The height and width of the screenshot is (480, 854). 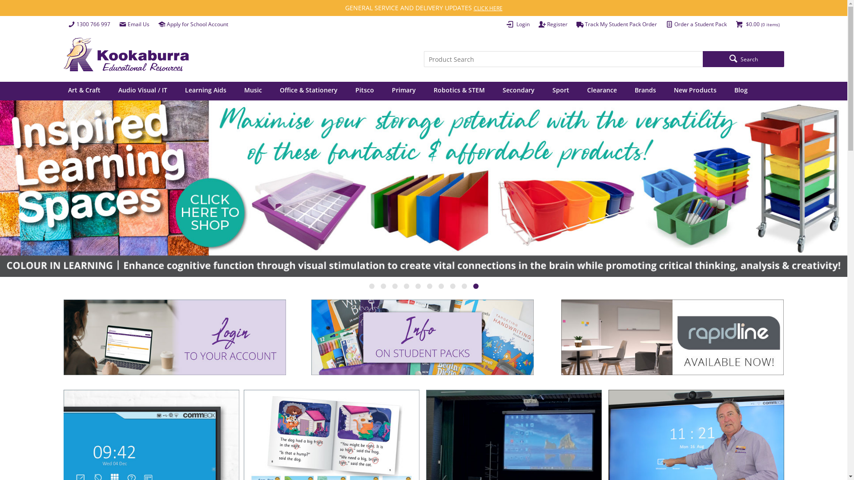 What do you see at coordinates (741, 91) in the screenshot?
I see `'Blog'` at bounding box center [741, 91].